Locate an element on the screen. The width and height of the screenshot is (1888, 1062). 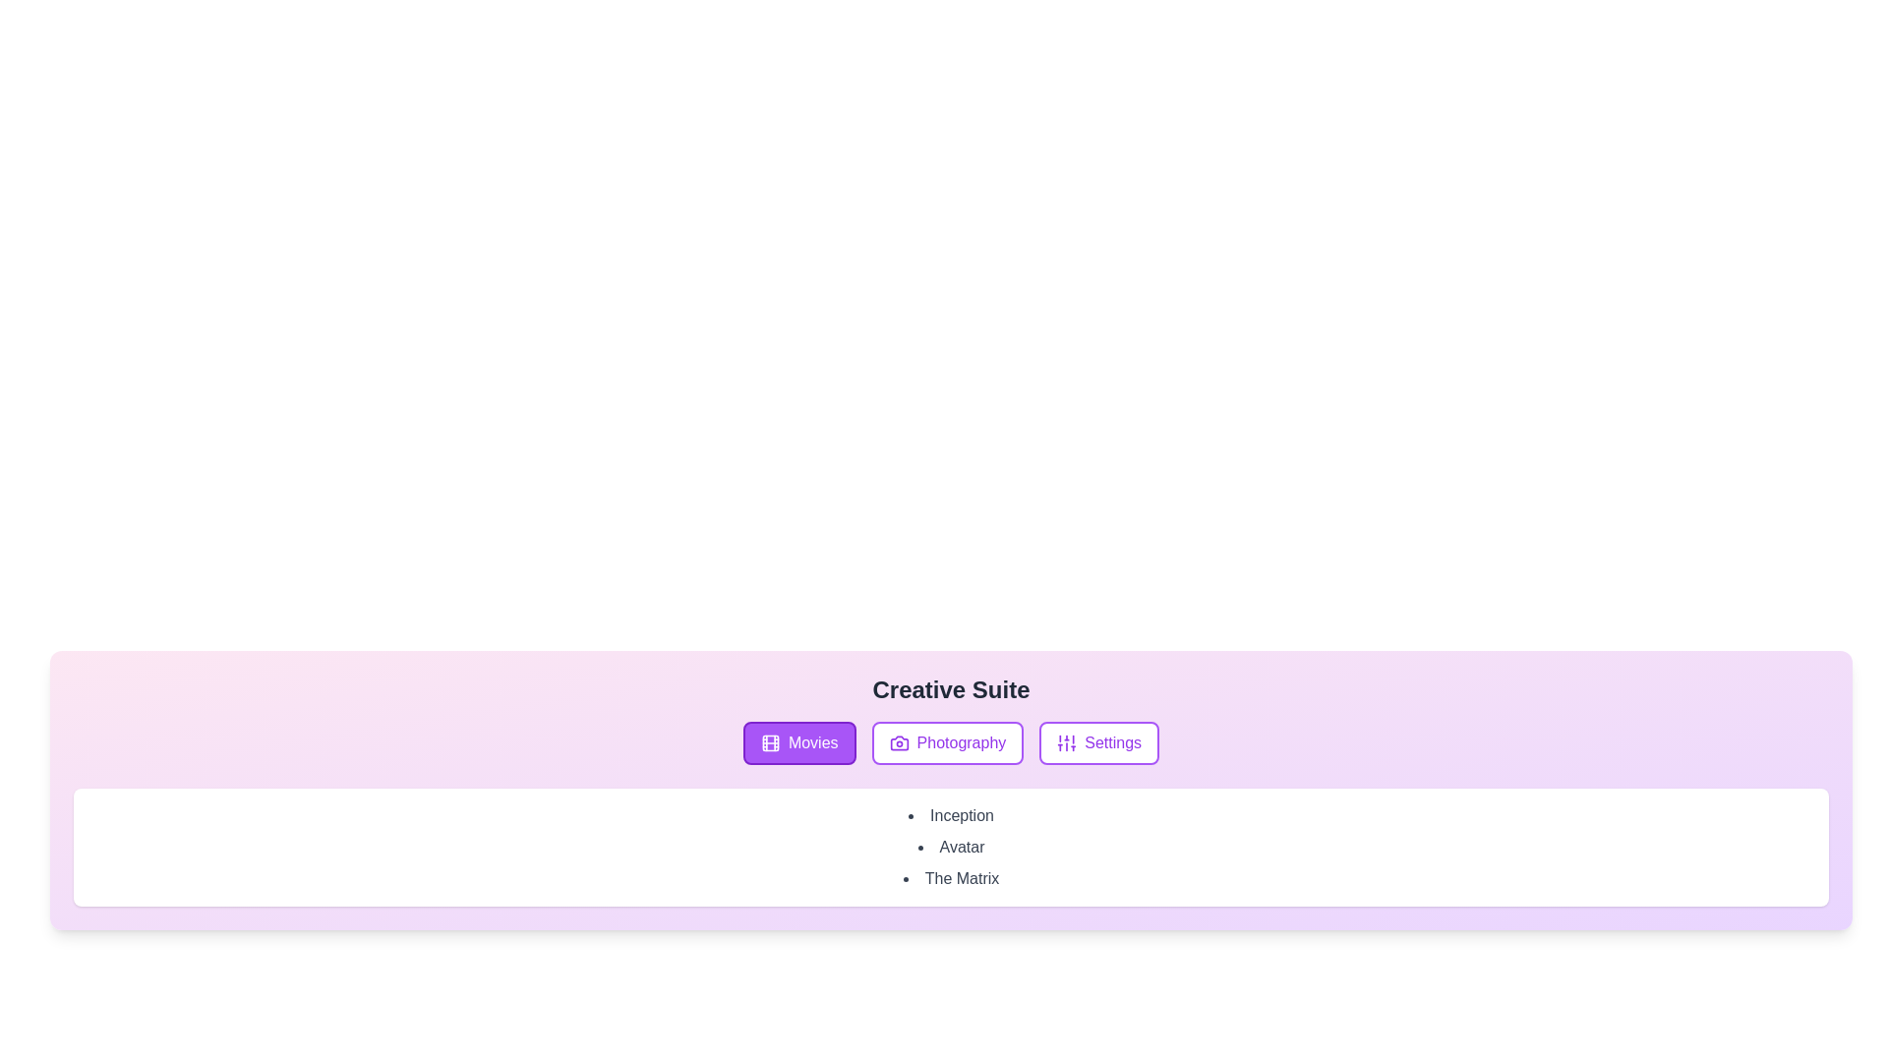
the 'Photography' button, which is a rectangular button with rounded corners, featuring purple text and a camera icon, located below the 'Creative Suite' heading is located at coordinates (947, 743).